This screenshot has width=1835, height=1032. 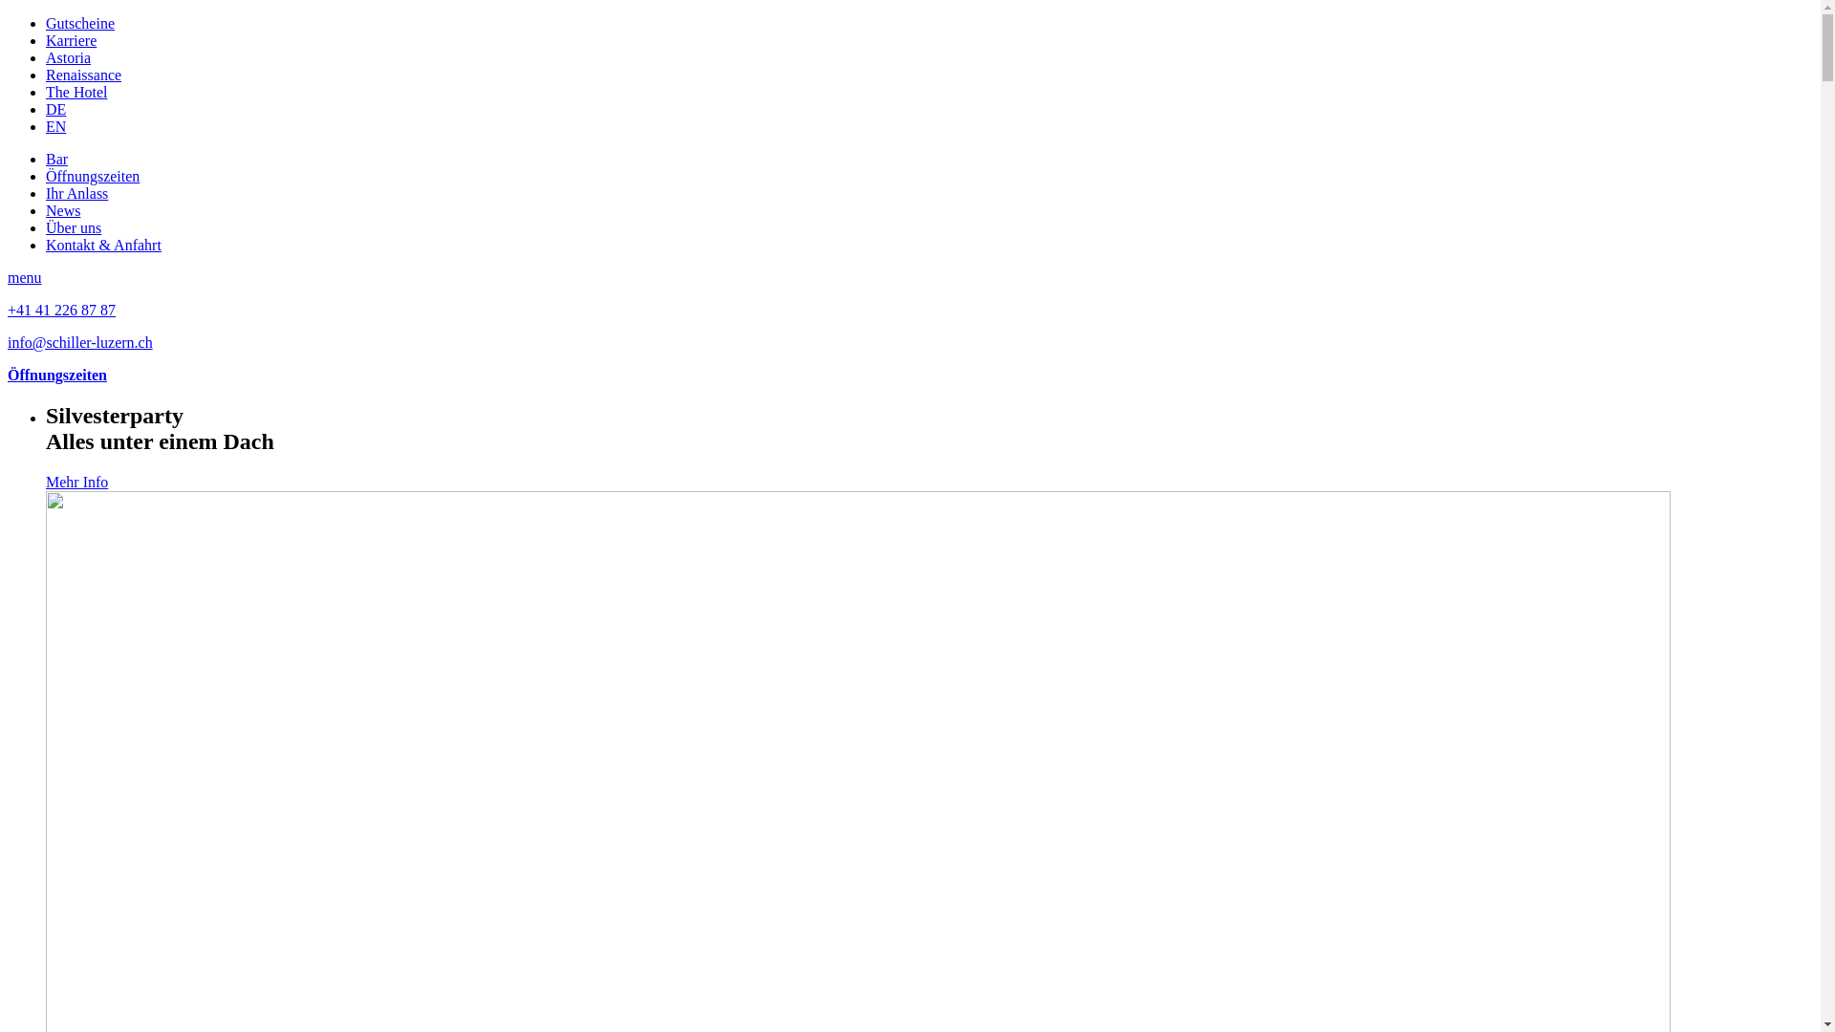 I want to click on 'News', so click(x=46, y=210).